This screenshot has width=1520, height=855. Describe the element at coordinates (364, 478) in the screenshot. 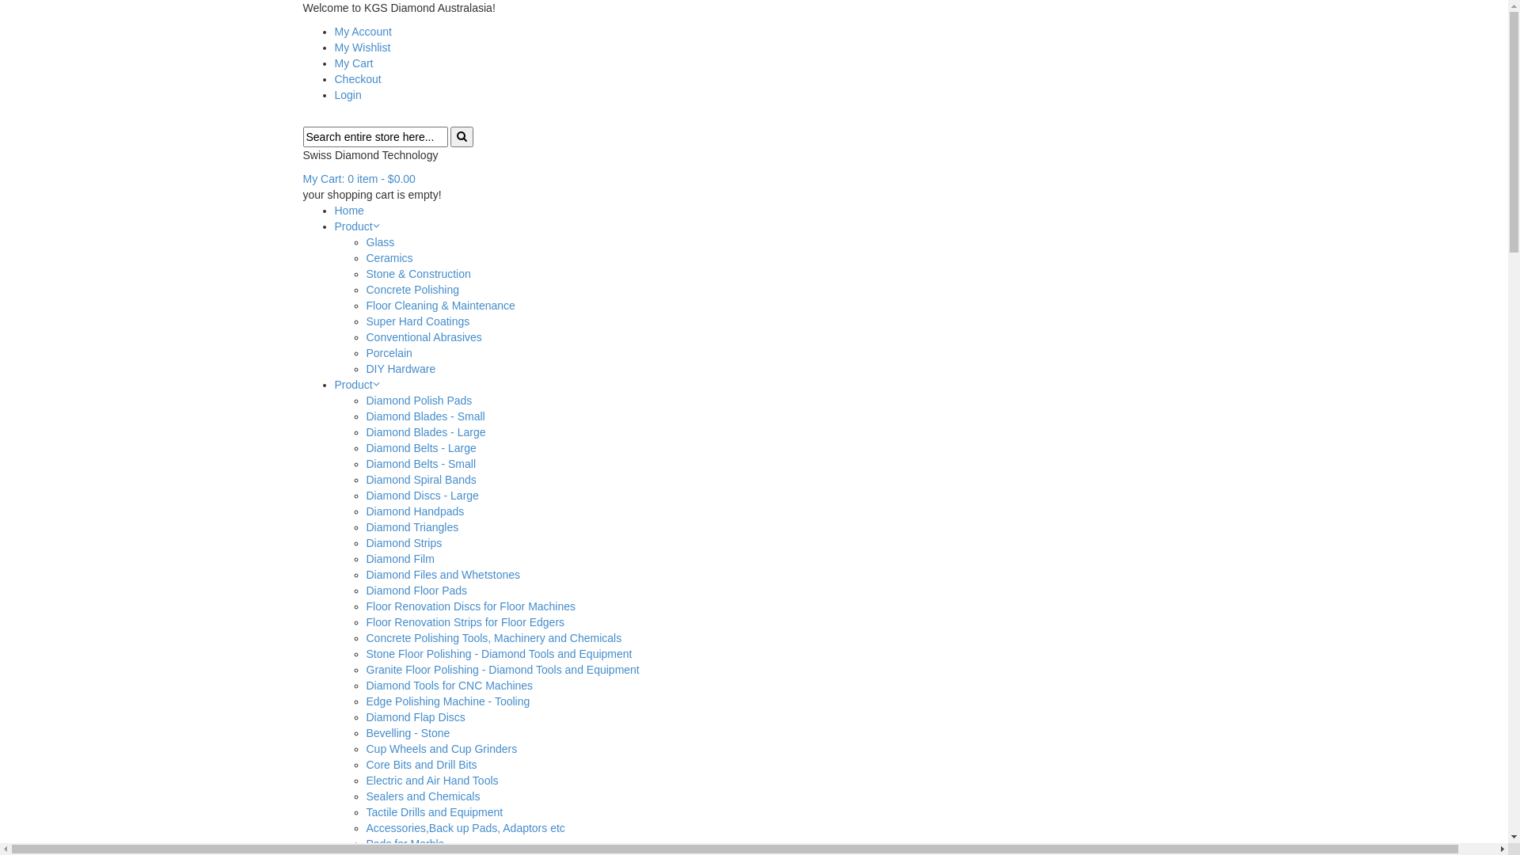

I see `'Diamond Spiral Bands'` at that location.